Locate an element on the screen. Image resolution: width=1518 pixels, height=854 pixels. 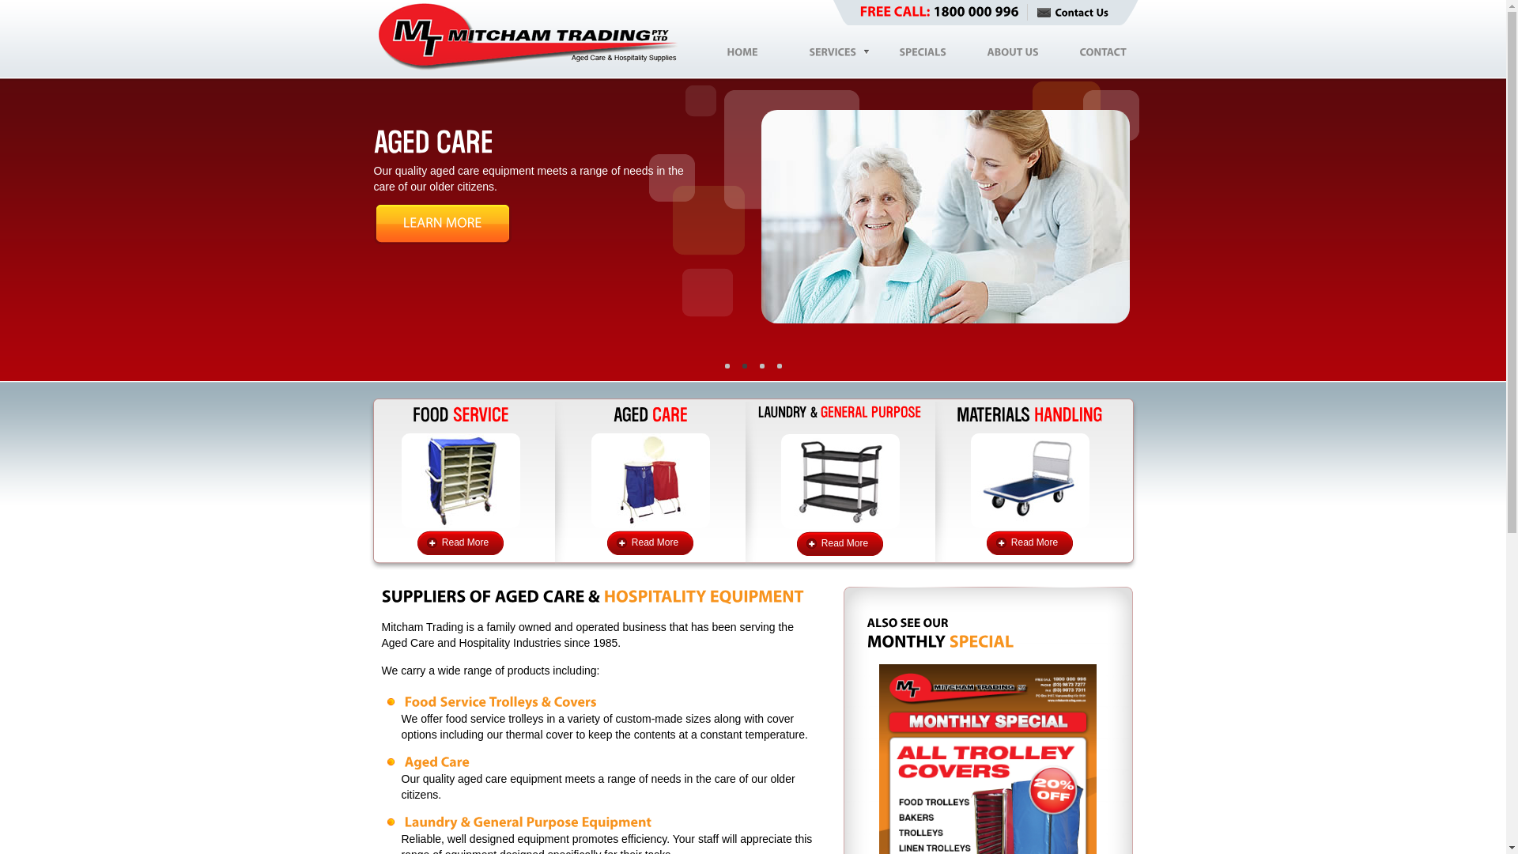
'3' is located at coordinates (770, 365).